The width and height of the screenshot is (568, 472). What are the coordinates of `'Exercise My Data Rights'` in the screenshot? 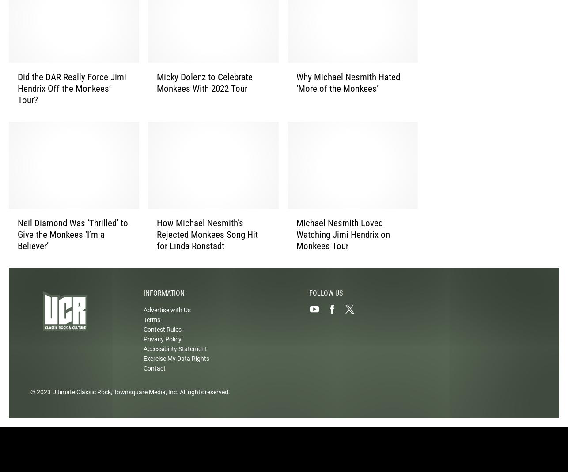 It's located at (176, 366).